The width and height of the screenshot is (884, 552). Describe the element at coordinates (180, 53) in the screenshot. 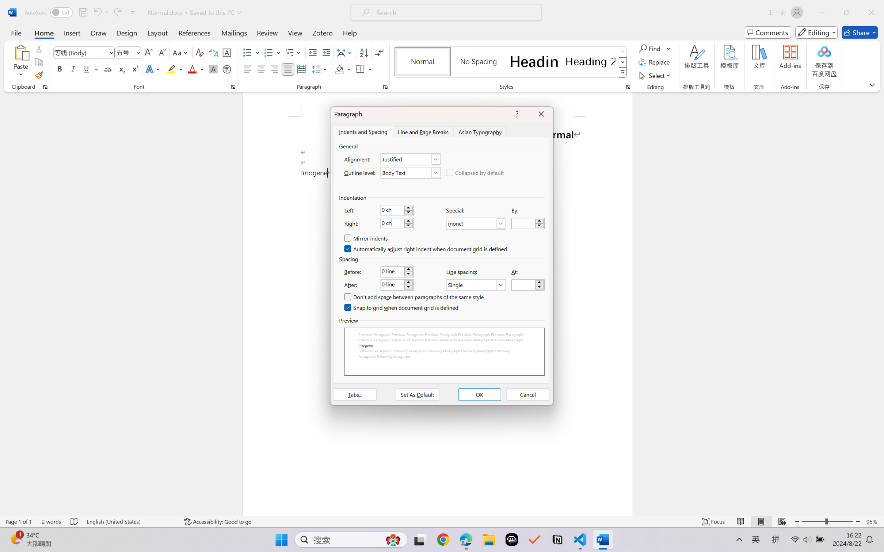

I see `'Change Case'` at that location.